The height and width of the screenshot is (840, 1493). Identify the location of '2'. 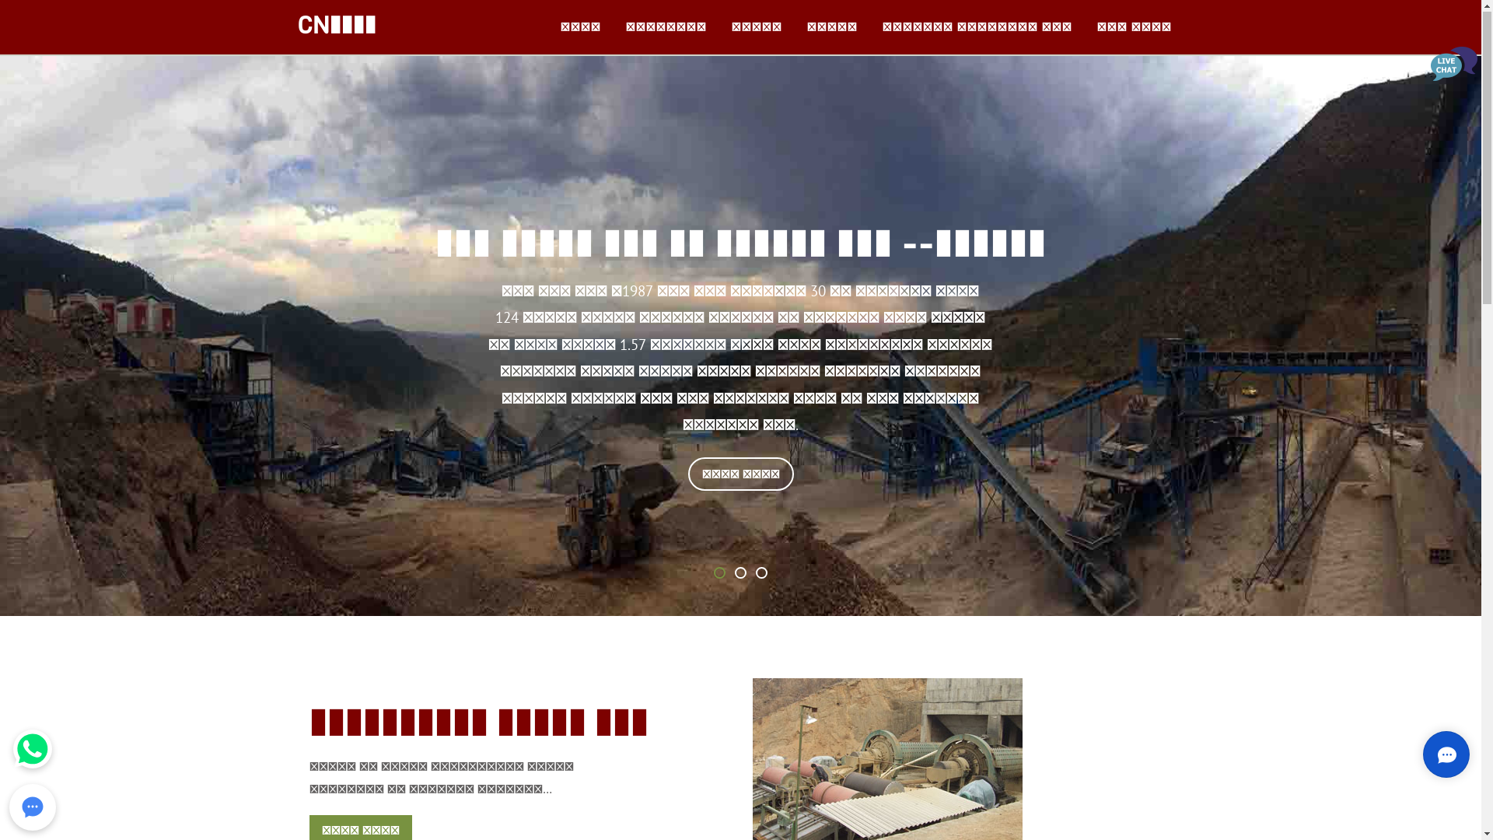
(740, 573).